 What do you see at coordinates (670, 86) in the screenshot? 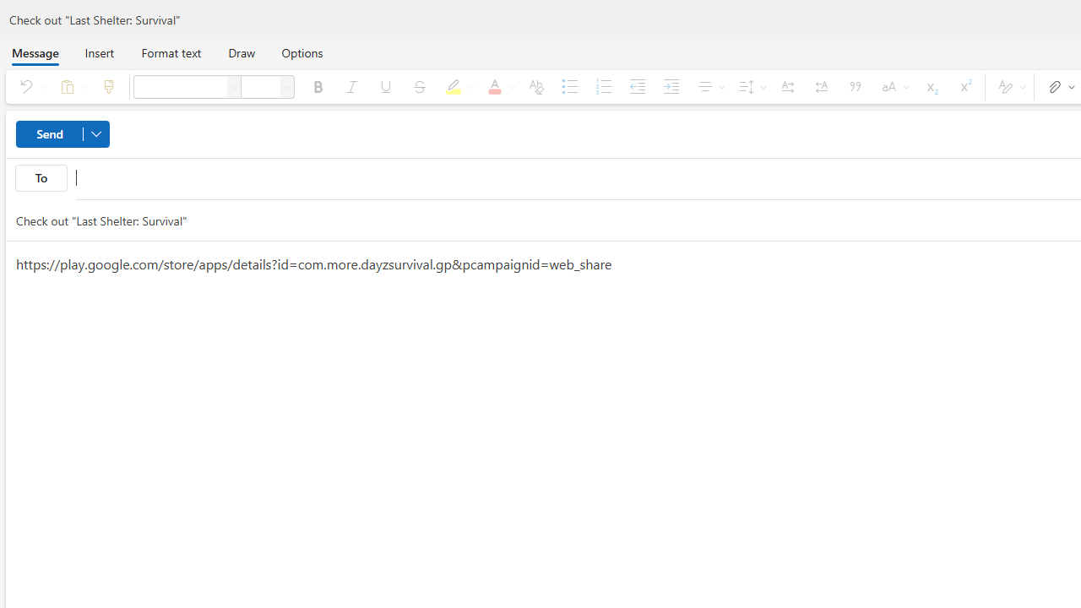
I see `'Increase indent'` at bounding box center [670, 86].